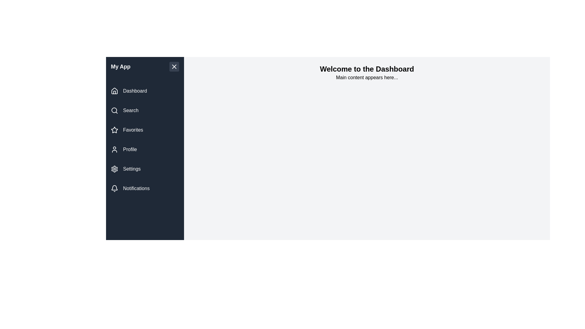 The width and height of the screenshot is (585, 329). Describe the element at coordinates (144, 169) in the screenshot. I see `the navigation link labeled Settings` at that location.